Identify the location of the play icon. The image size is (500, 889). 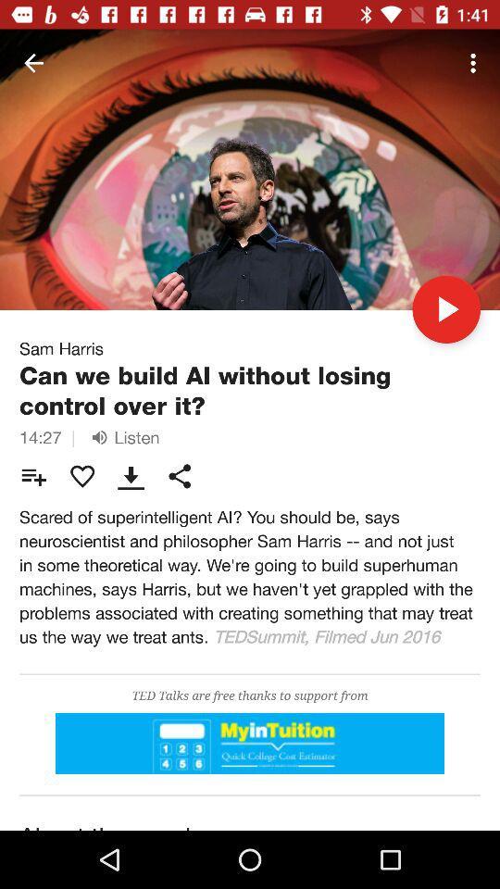
(445, 309).